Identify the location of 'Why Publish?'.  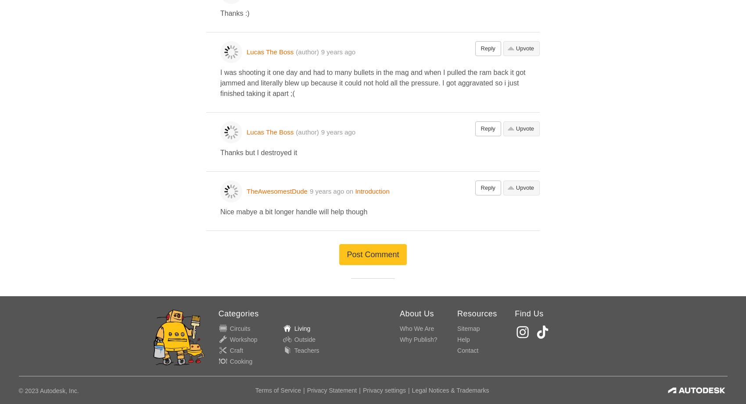
(418, 339).